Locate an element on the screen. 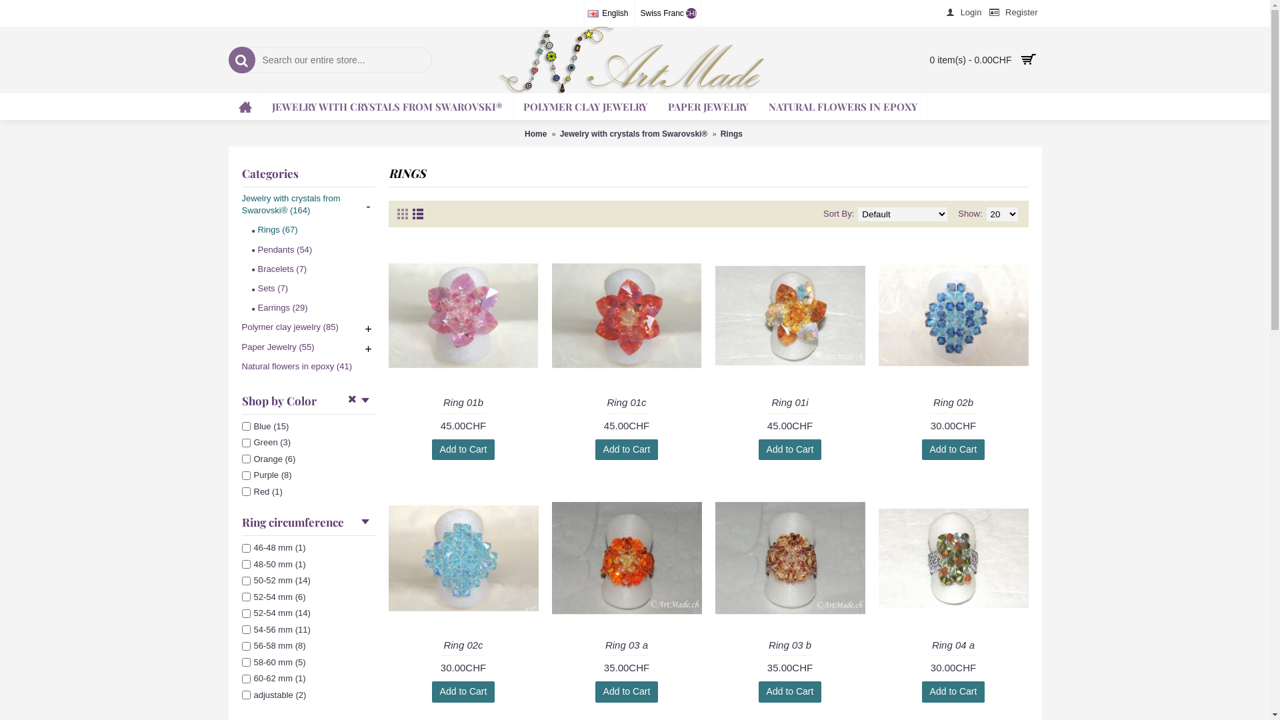  'Ring 04 a' is located at coordinates (953, 644).